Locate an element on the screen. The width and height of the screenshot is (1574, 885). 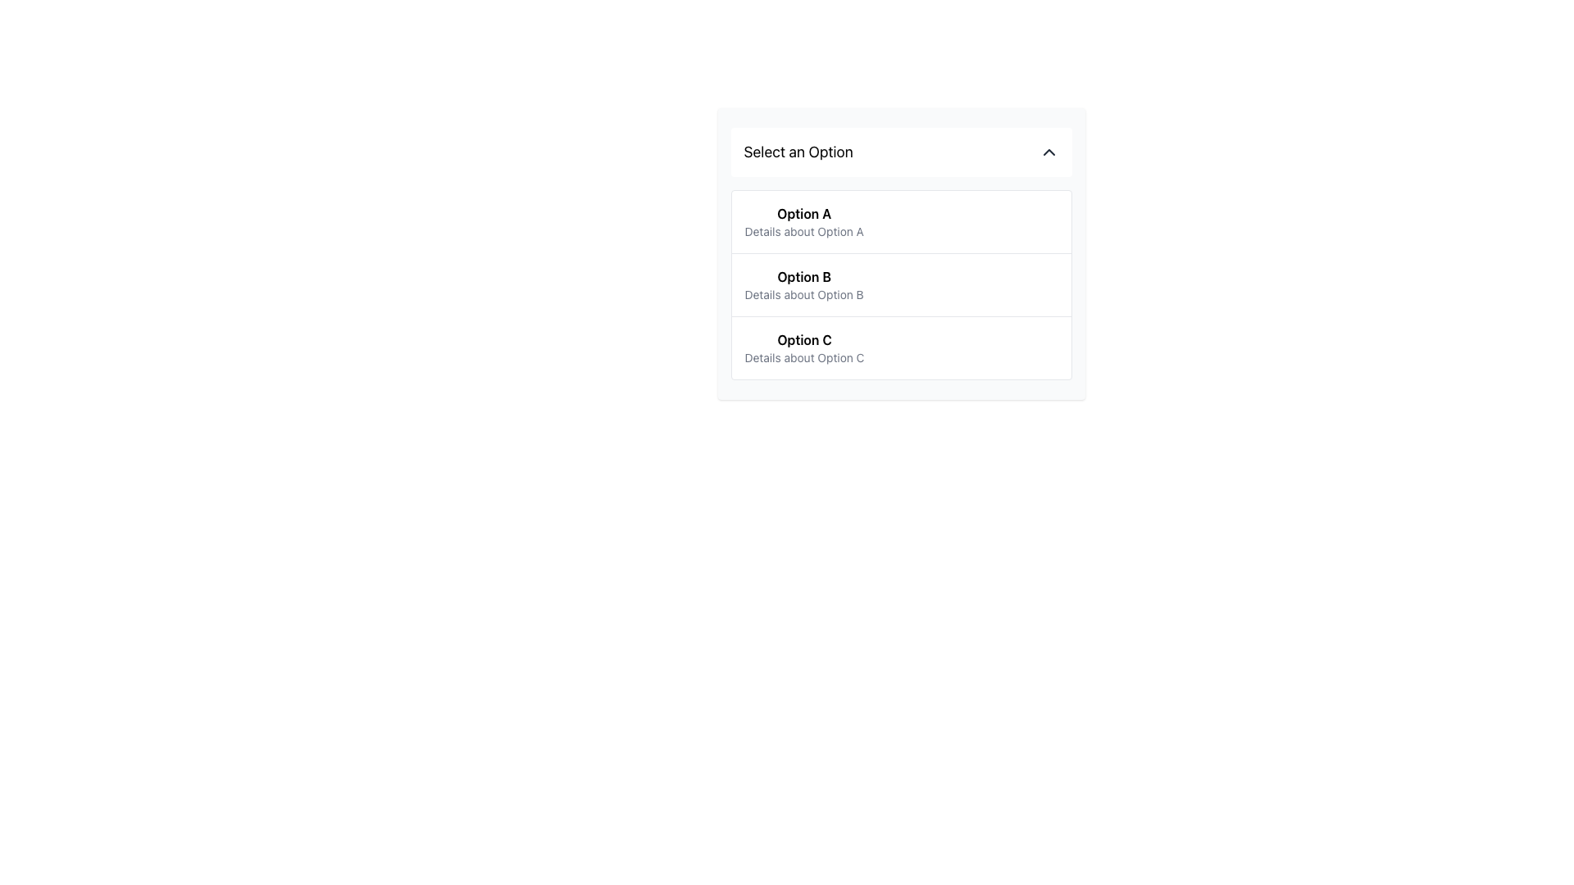
the 'Option B' text label in the dropdown menu, which is styled in bold and is the second option listed is located at coordinates (804, 276).